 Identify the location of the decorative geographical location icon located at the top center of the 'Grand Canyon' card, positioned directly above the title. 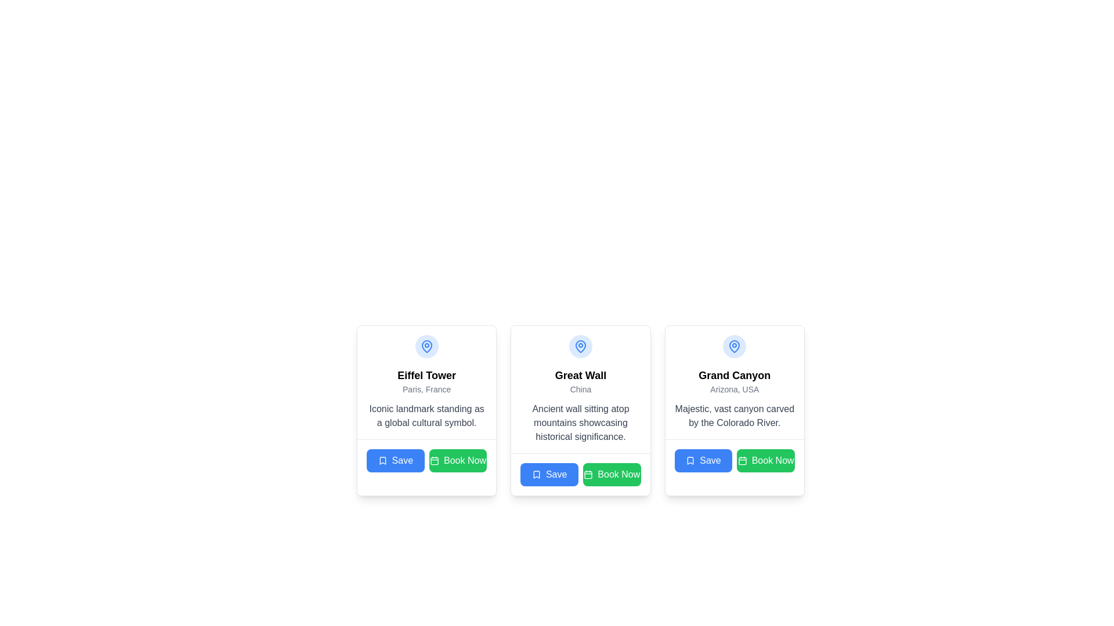
(734, 345).